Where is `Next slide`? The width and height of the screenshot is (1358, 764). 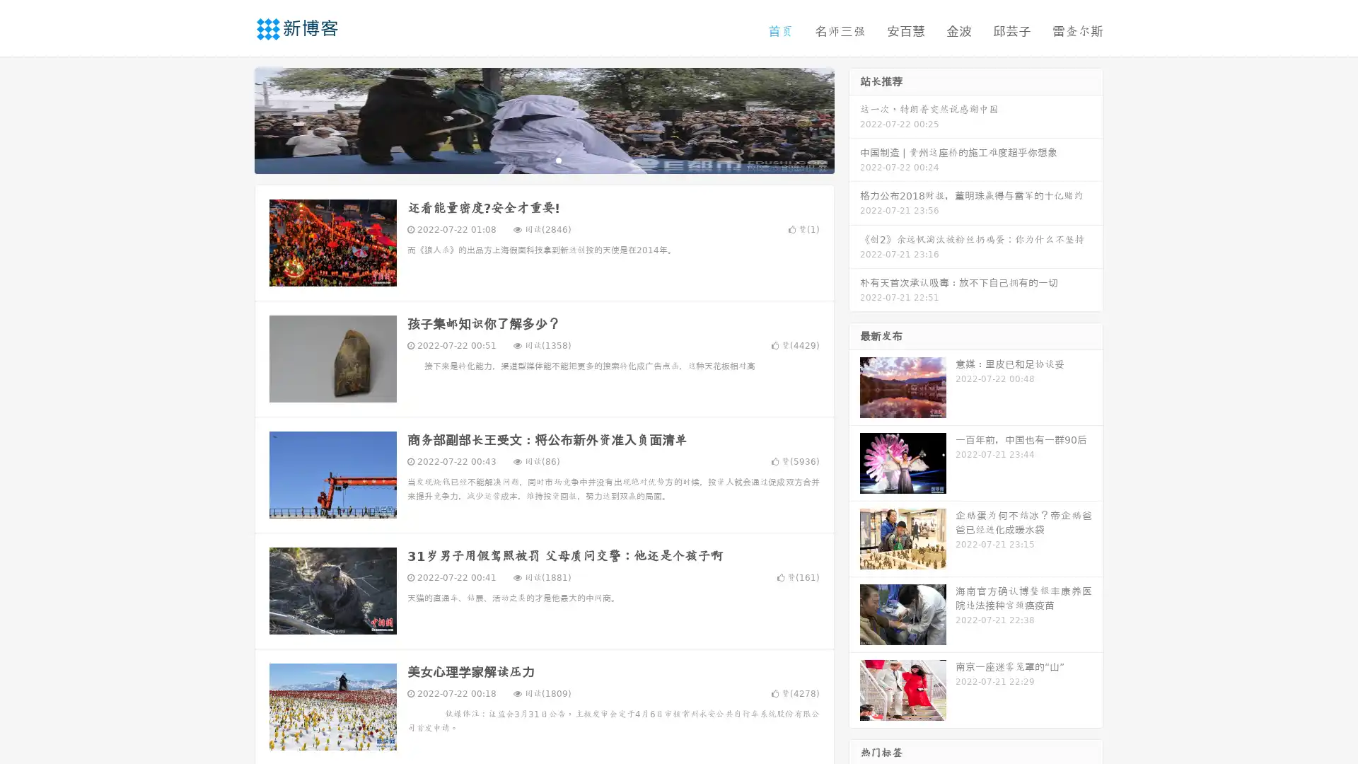 Next slide is located at coordinates (854, 119).